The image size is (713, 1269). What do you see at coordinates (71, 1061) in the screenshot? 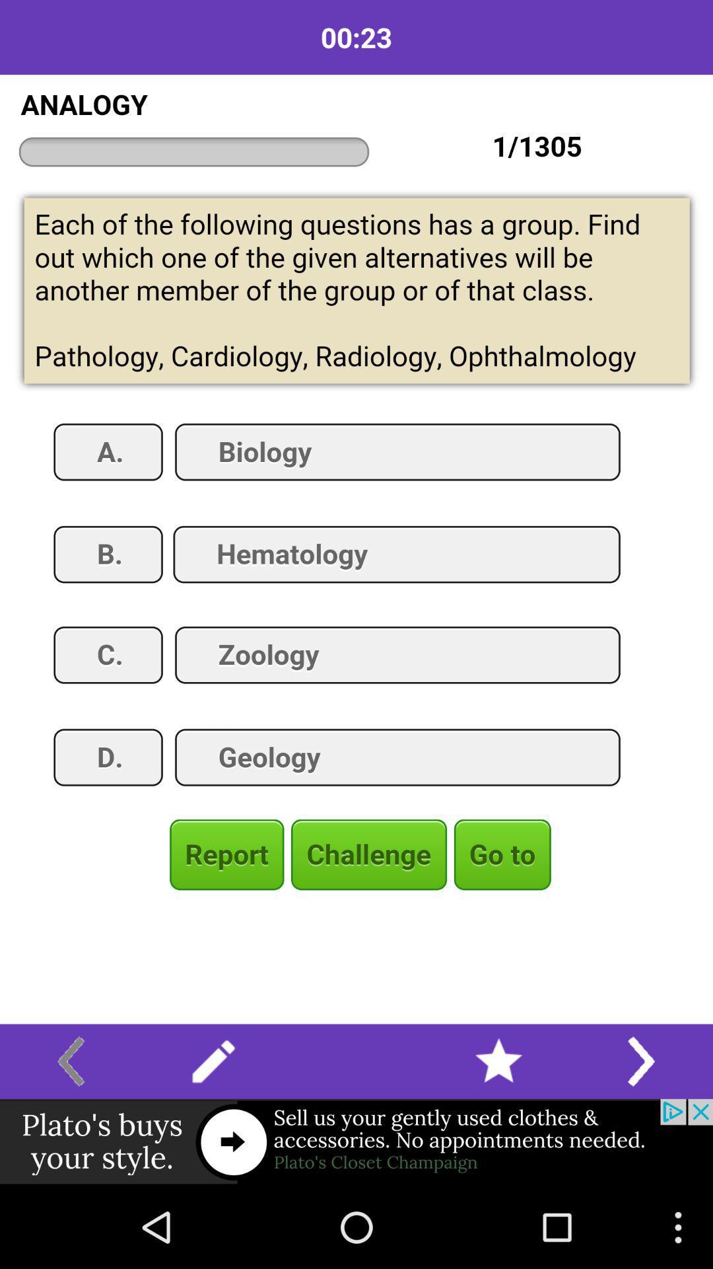
I see `go back` at bounding box center [71, 1061].